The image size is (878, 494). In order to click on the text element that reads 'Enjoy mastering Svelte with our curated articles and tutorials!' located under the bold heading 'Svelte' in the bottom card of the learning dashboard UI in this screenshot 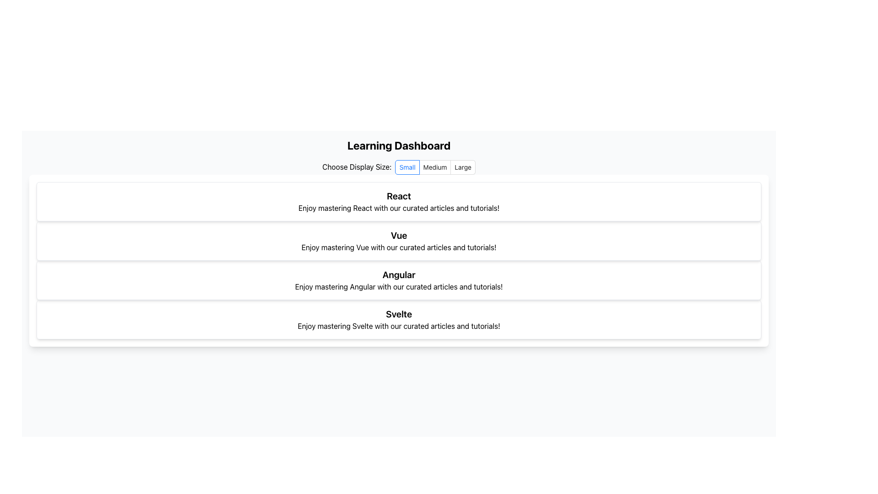, I will do `click(399, 326)`.